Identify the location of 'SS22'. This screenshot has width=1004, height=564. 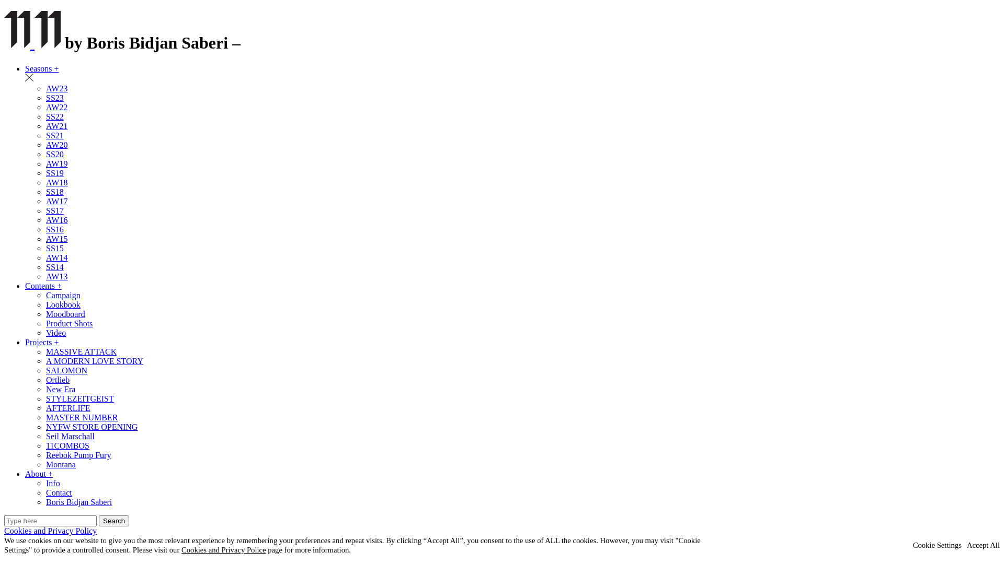
(54, 116).